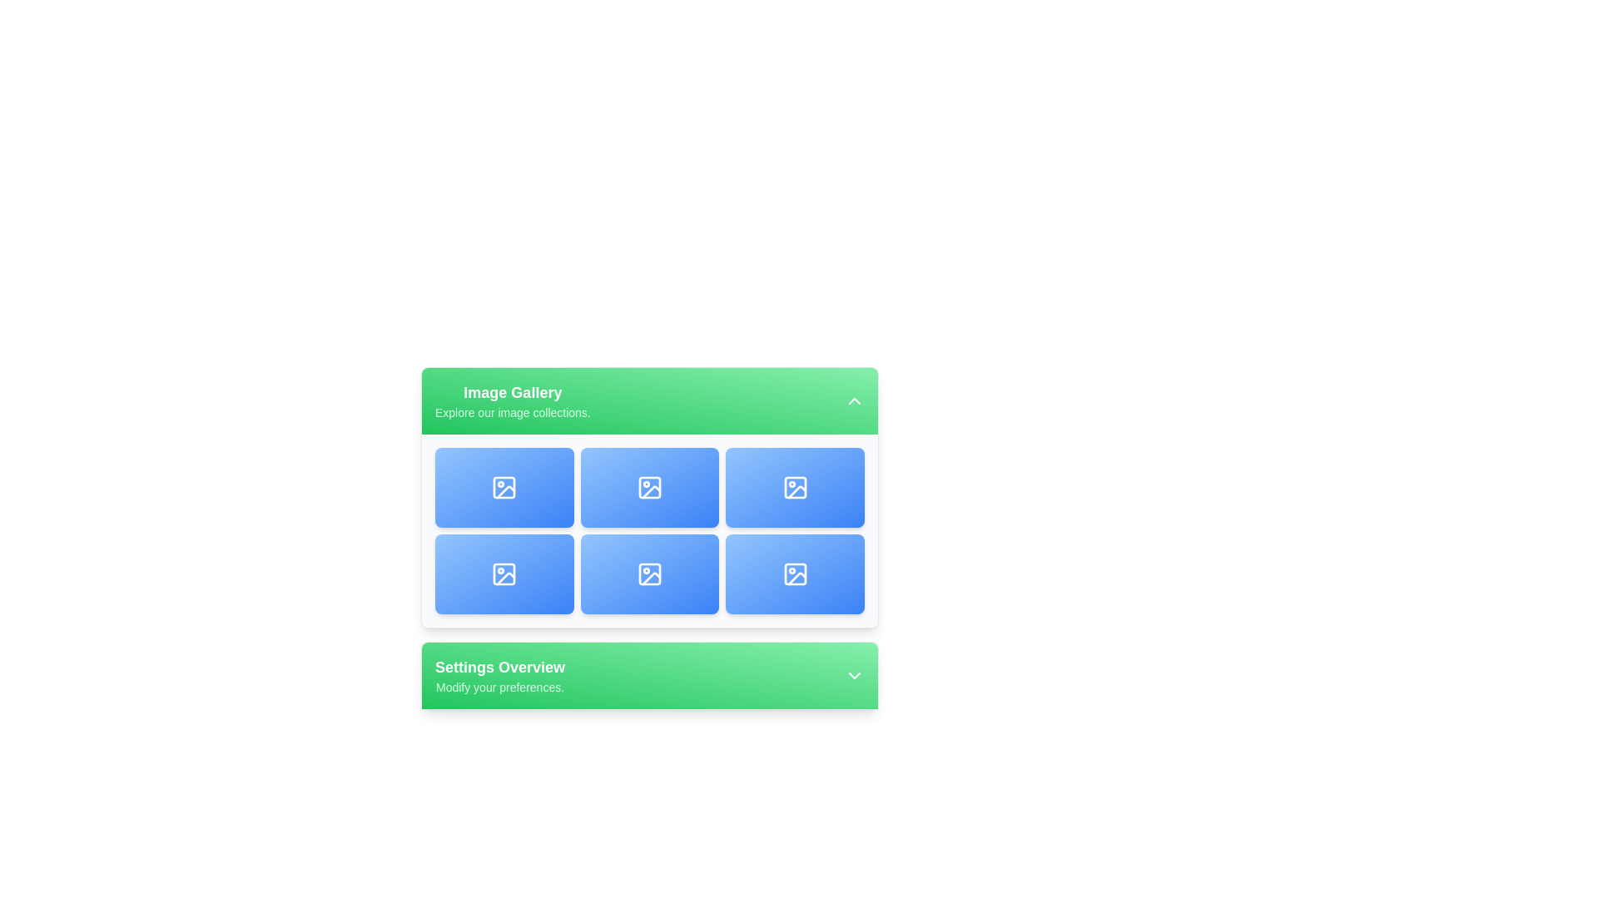 This screenshot has width=1598, height=899. I want to click on the button or placeholder element located in the bottom-right corner of the 3x2 grid layout within the 'Image Gallery' section, so click(794, 574).